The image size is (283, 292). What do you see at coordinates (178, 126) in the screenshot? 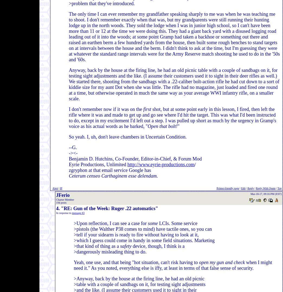
I see `'"'` at bounding box center [178, 126].